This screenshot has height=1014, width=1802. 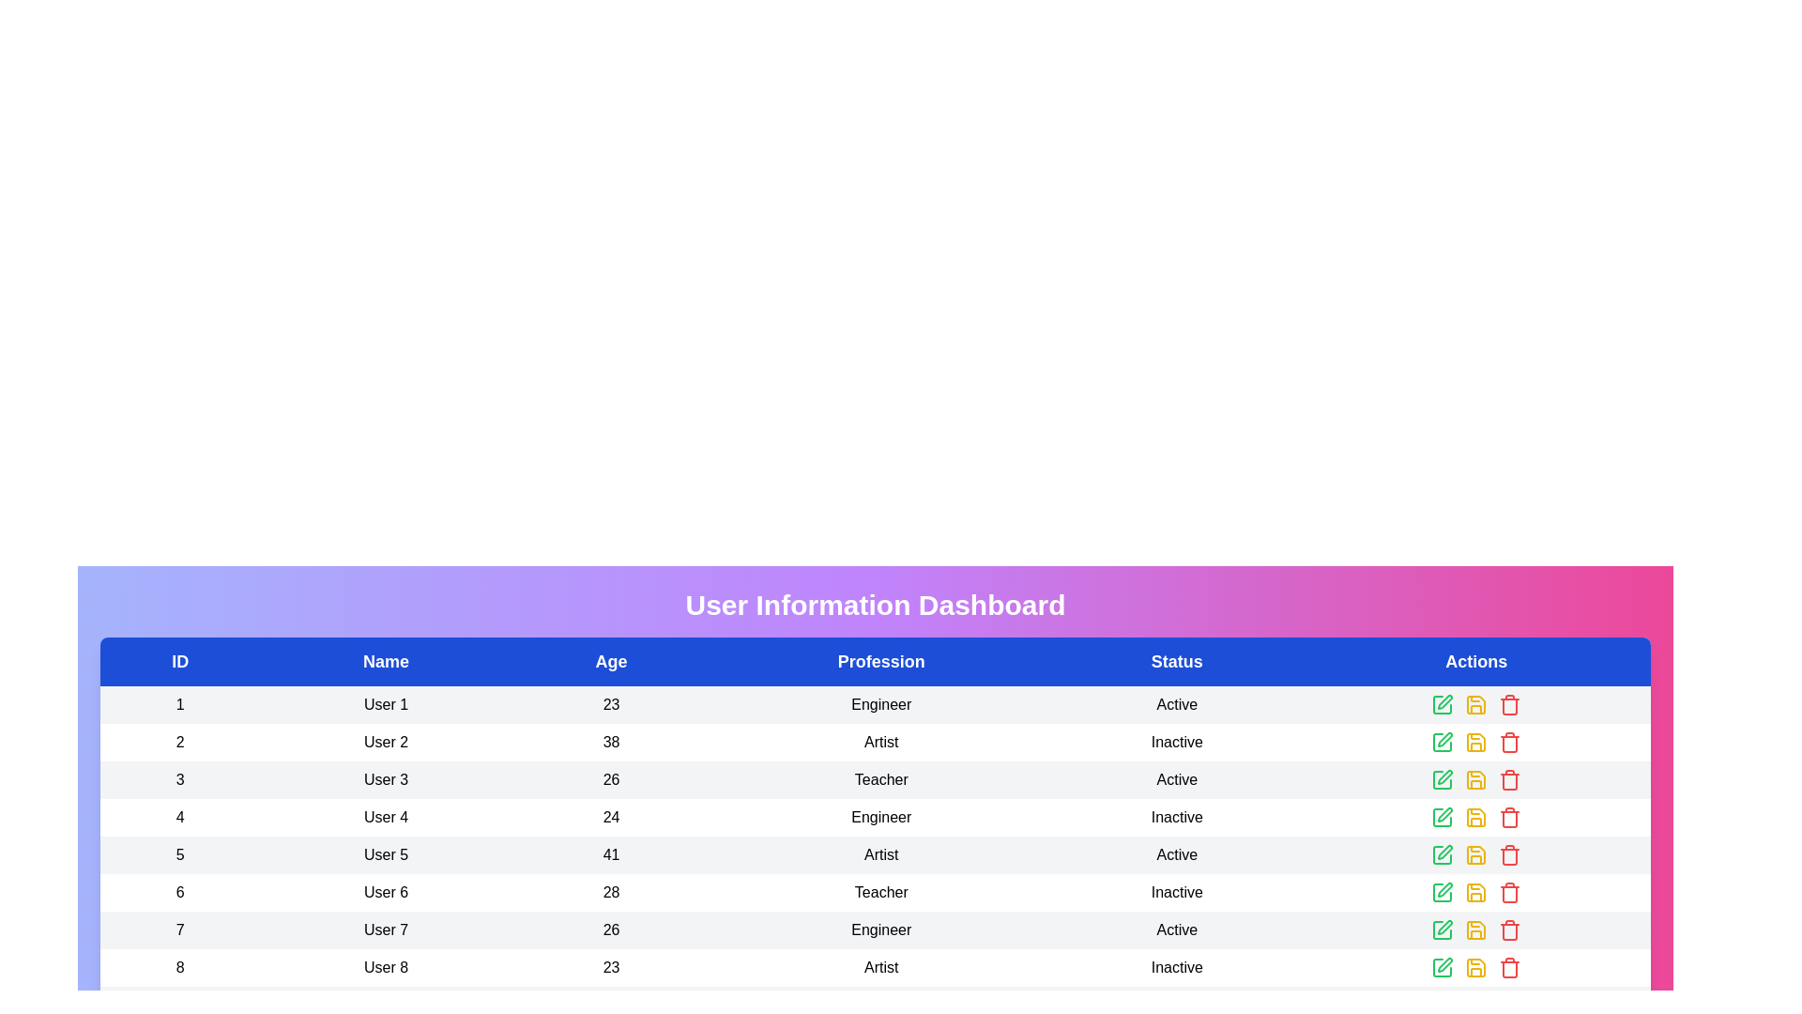 What do you see at coordinates (611, 661) in the screenshot?
I see `the column header labeled 'Age' to sort the table by that column` at bounding box center [611, 661].